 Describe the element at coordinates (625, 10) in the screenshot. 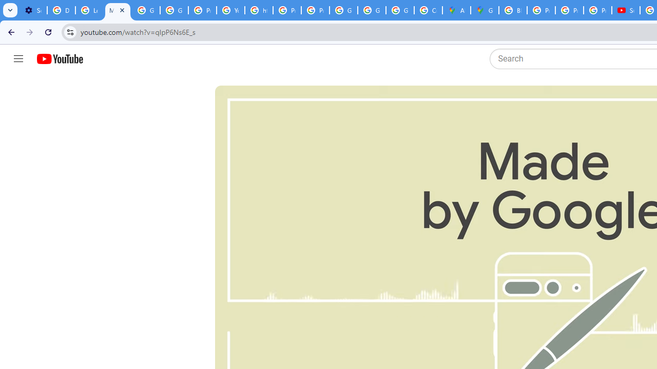

I see `'Subscriptions - YouTube'` at that location.